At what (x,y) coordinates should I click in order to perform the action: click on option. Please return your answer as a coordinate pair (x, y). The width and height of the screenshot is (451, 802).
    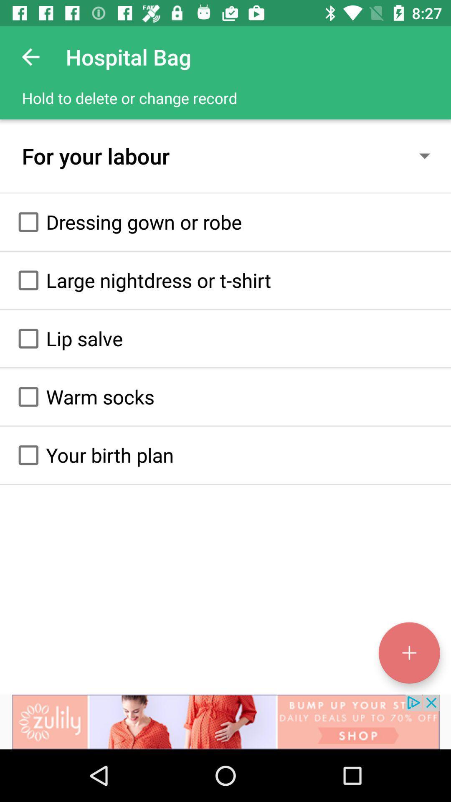
    Looking at the image, I should click on (28, 396).